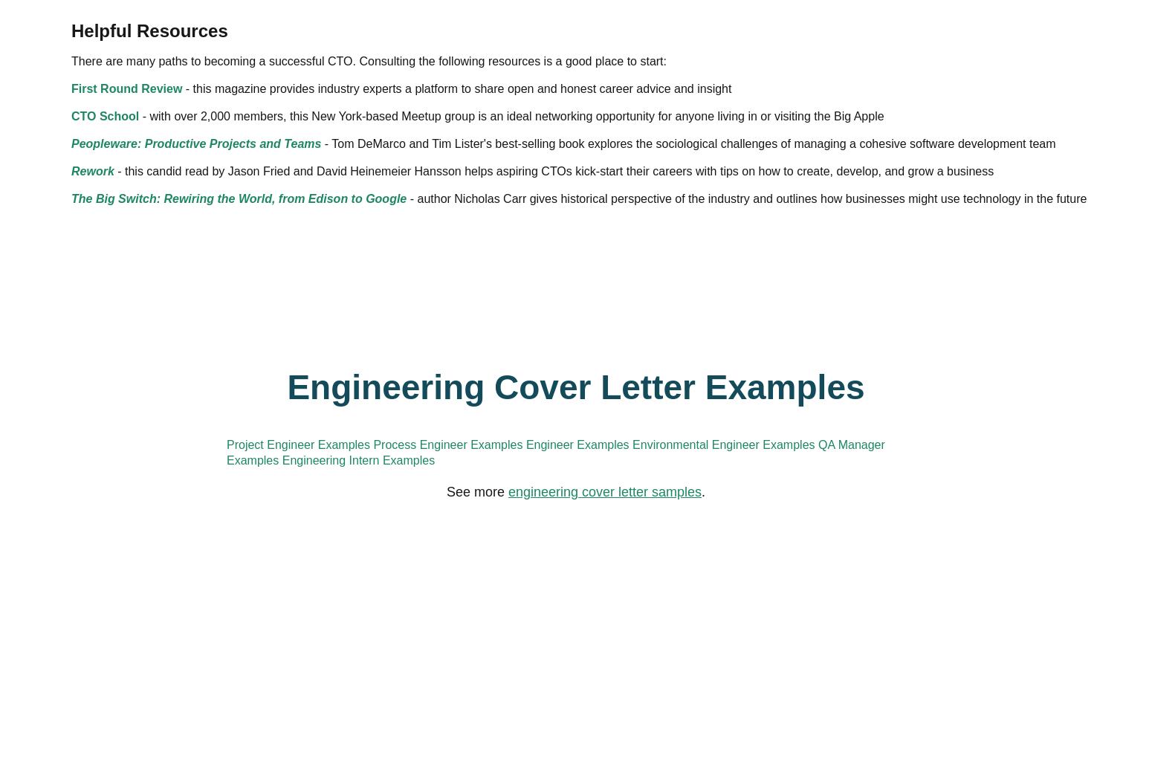 The height and width of the screenshot is (773, 1152). I want to click on '- with over 2,000 members, this New York-based Meetup group is an ideal networking opportunity for anyone living in or visiting the Big Apple', so click(568, 410).